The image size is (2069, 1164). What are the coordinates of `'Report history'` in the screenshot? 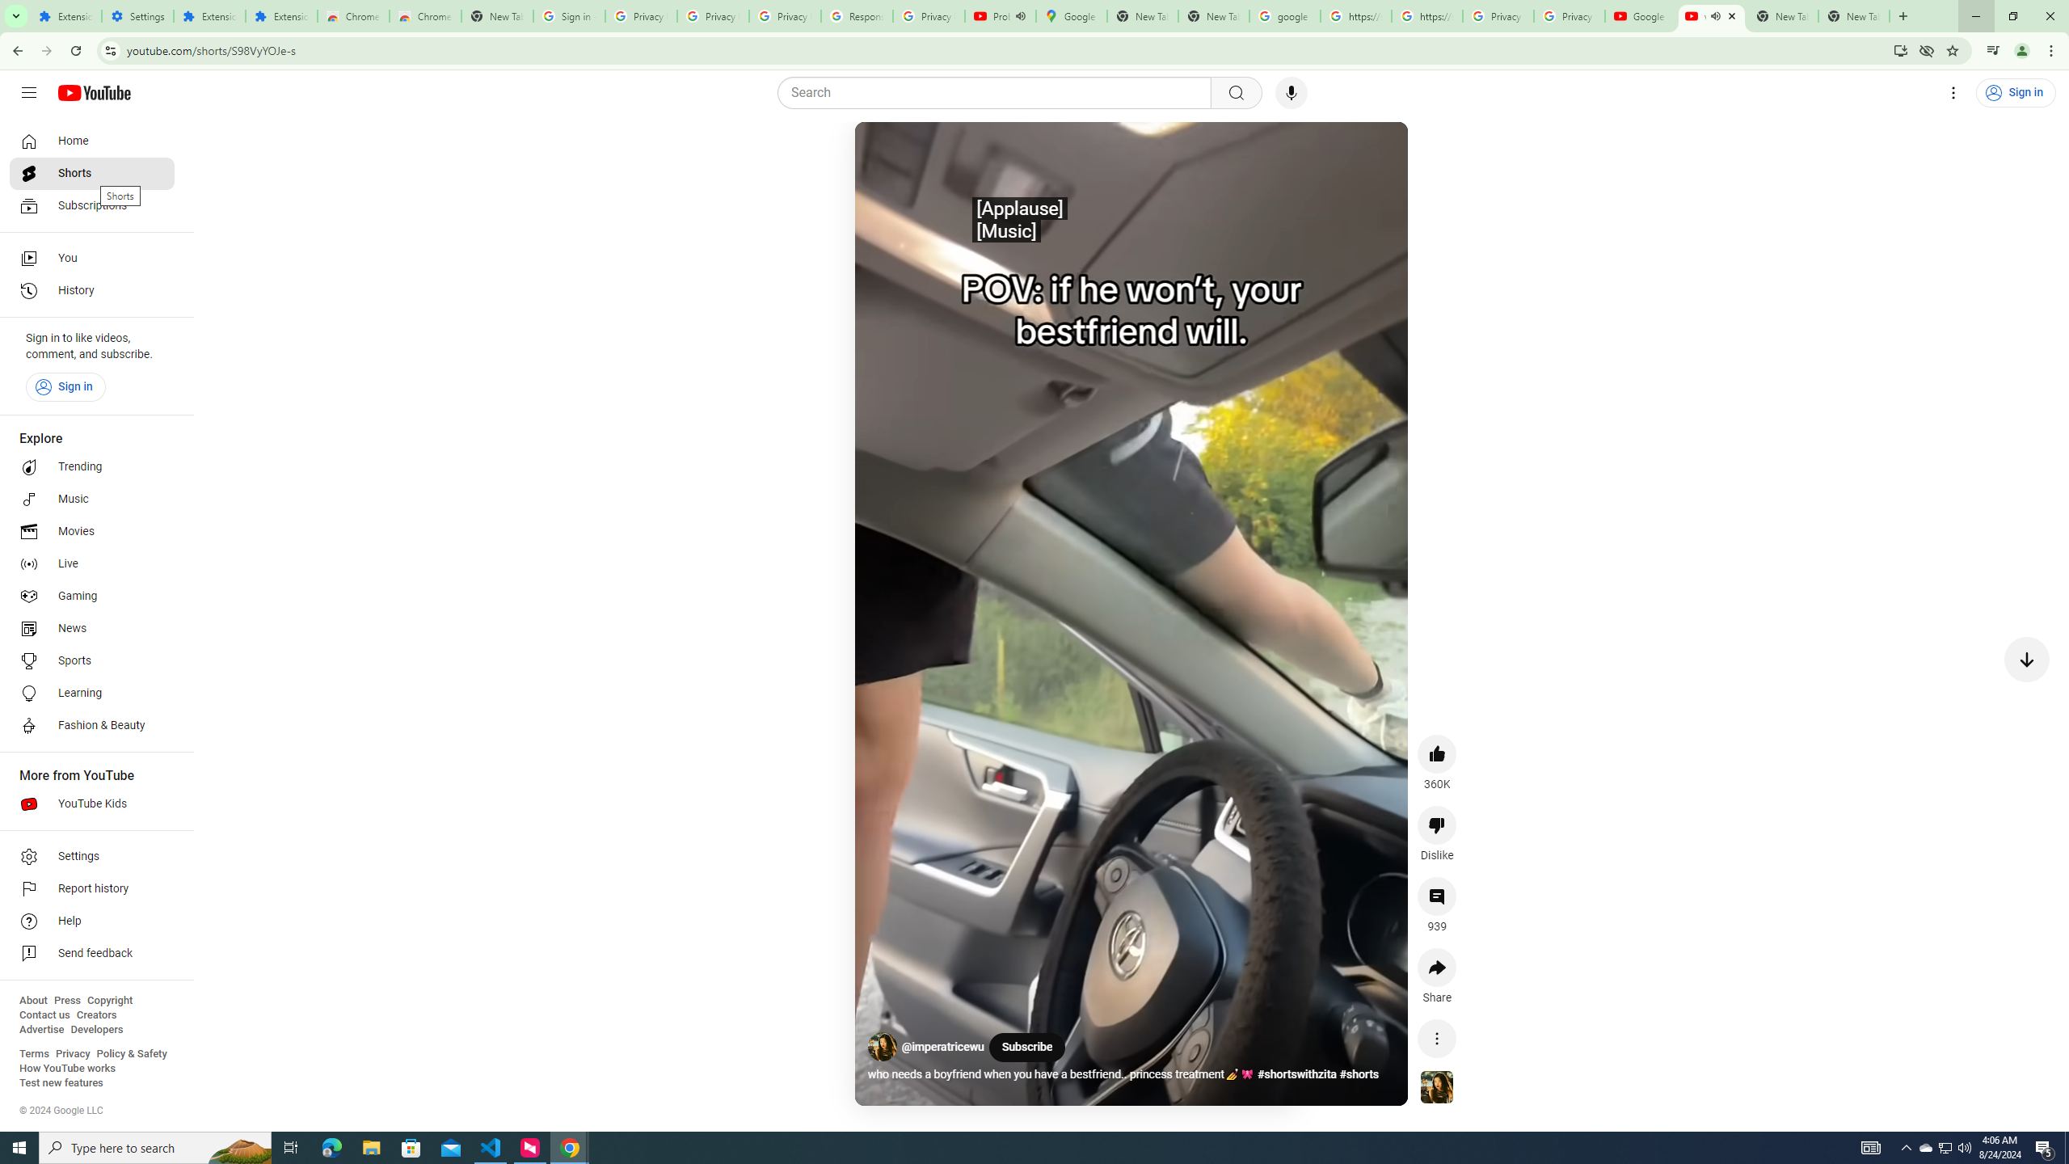 It's located at (91, 888).